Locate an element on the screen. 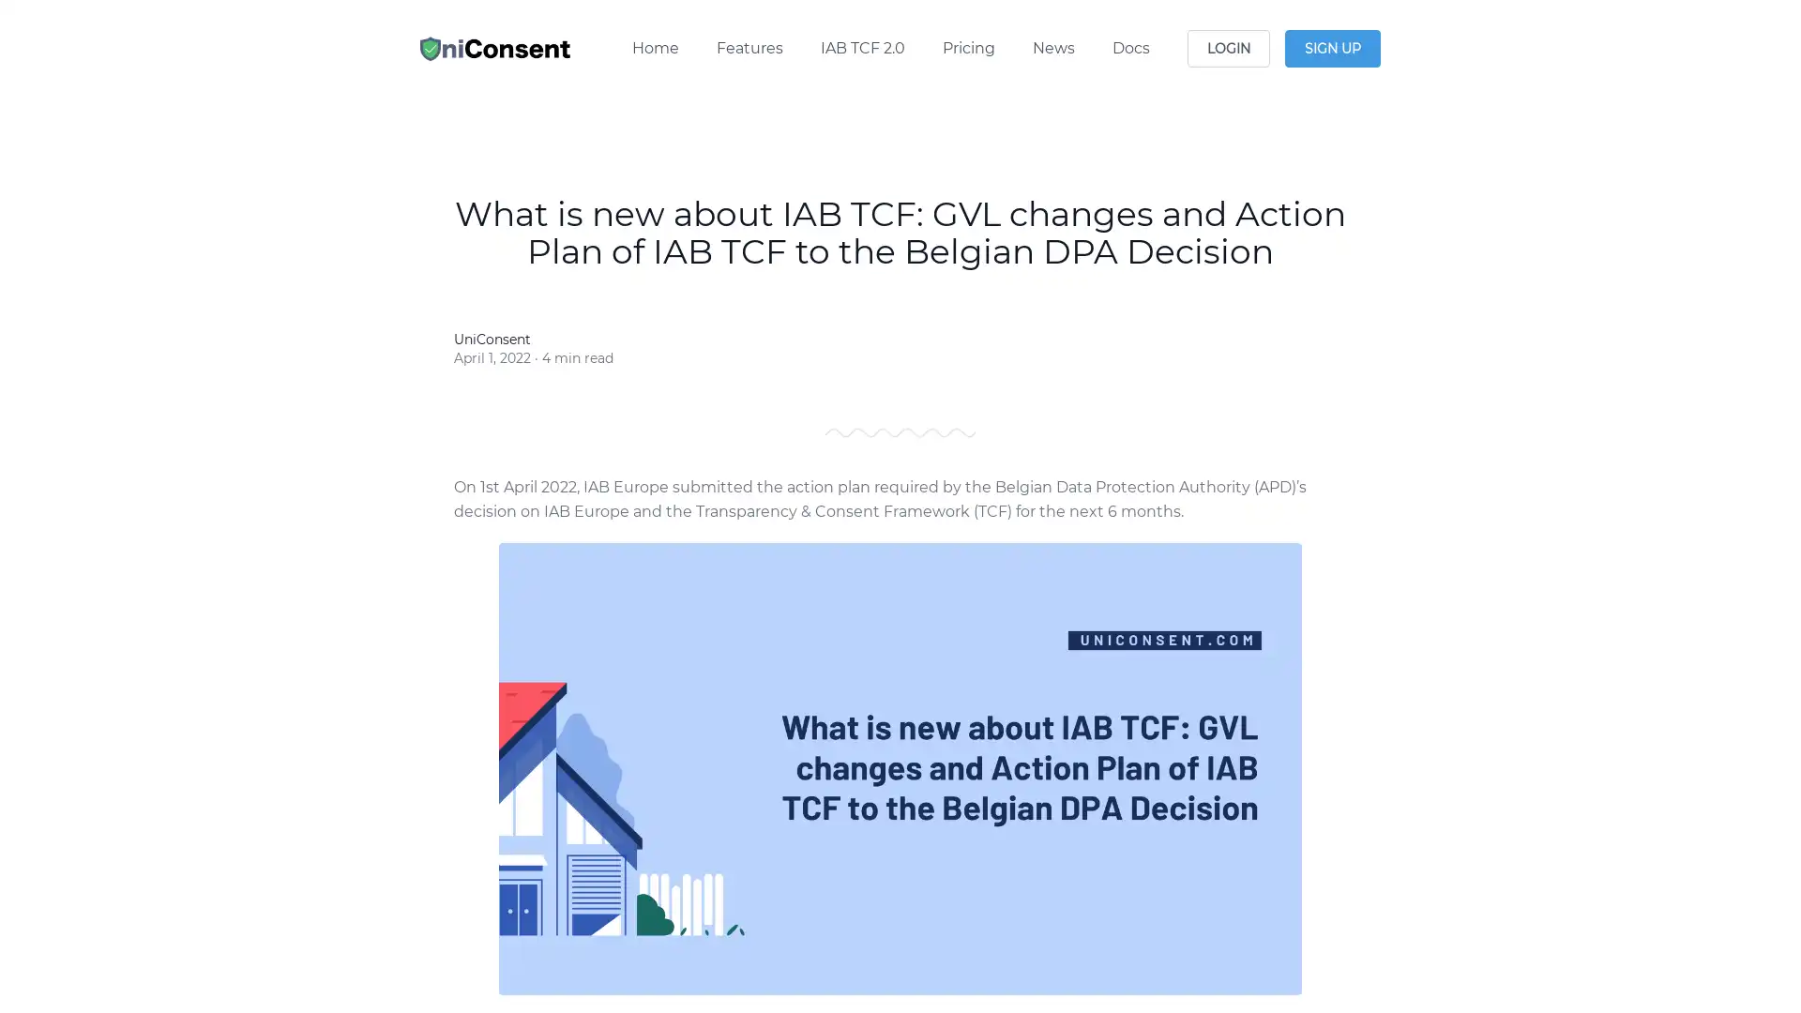 This screenshot has width=1801, height=1013. Manage Options is located at coordinates (110, 978).